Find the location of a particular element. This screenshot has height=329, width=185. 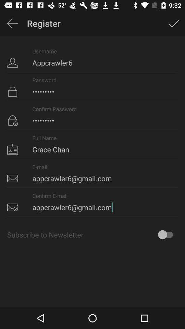

icon above the appcrawler6 item is located at coordinates (12, 23).